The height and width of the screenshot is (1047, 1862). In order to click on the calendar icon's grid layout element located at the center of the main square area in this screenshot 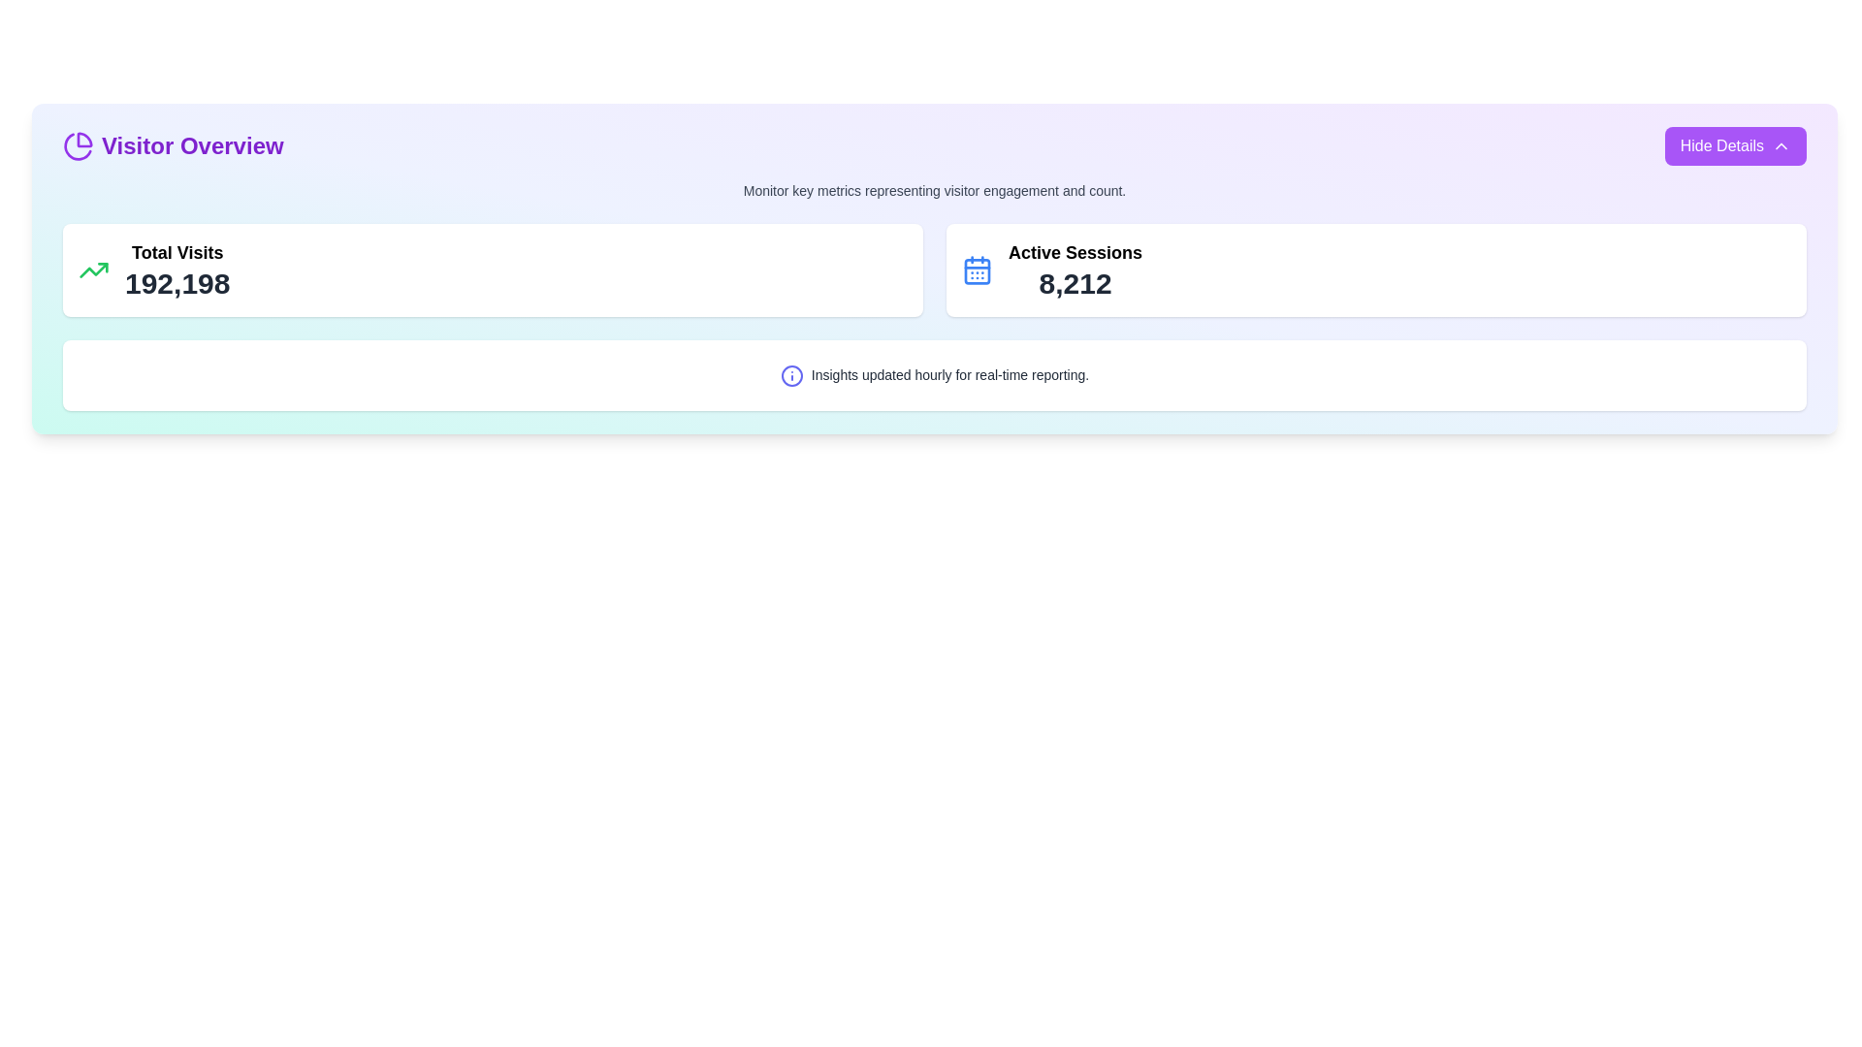, I will do `click(978, 271)`.